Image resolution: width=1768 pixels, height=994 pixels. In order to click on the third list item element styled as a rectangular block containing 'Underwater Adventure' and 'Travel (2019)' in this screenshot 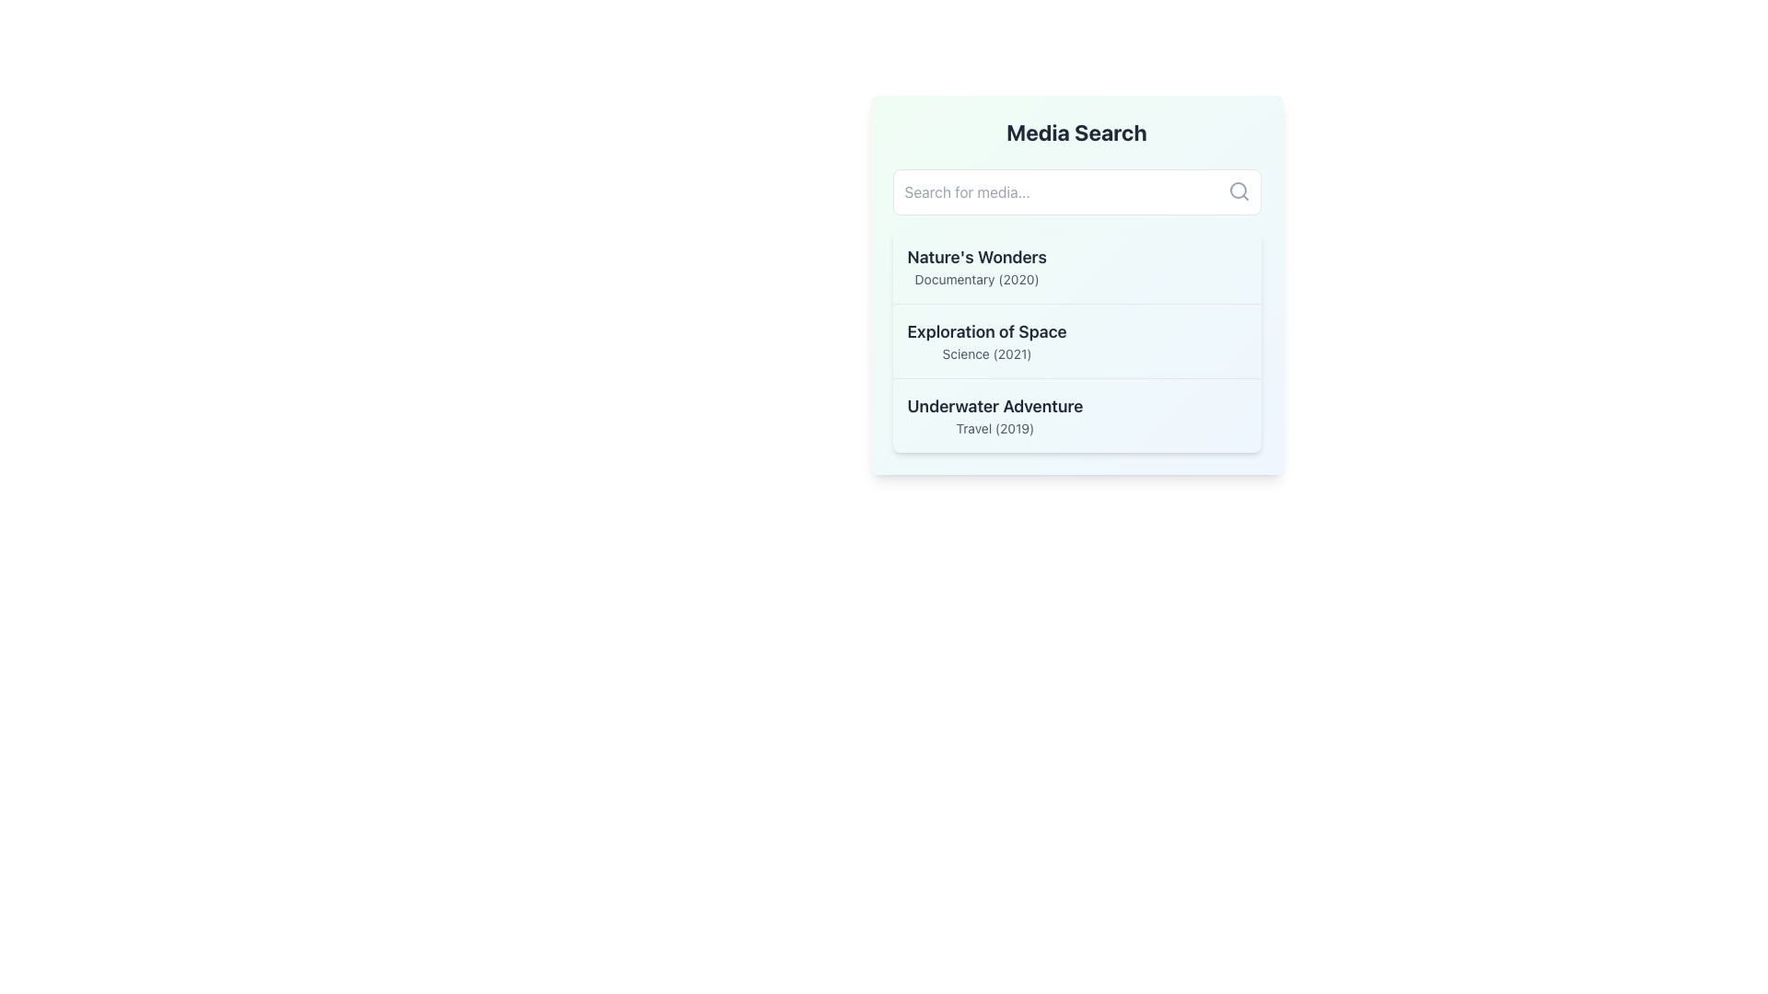, I will do `click(1076, 415)`.